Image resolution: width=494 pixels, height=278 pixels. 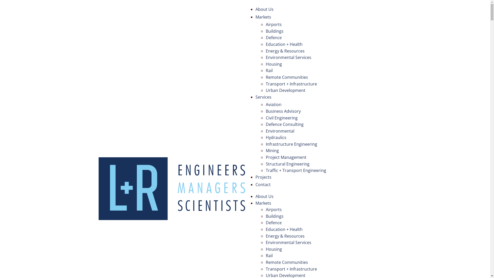 What do you see at coordinates (266, 104) in the screenshot?
I see `'Aviation'` at bounding box center [266, 104].